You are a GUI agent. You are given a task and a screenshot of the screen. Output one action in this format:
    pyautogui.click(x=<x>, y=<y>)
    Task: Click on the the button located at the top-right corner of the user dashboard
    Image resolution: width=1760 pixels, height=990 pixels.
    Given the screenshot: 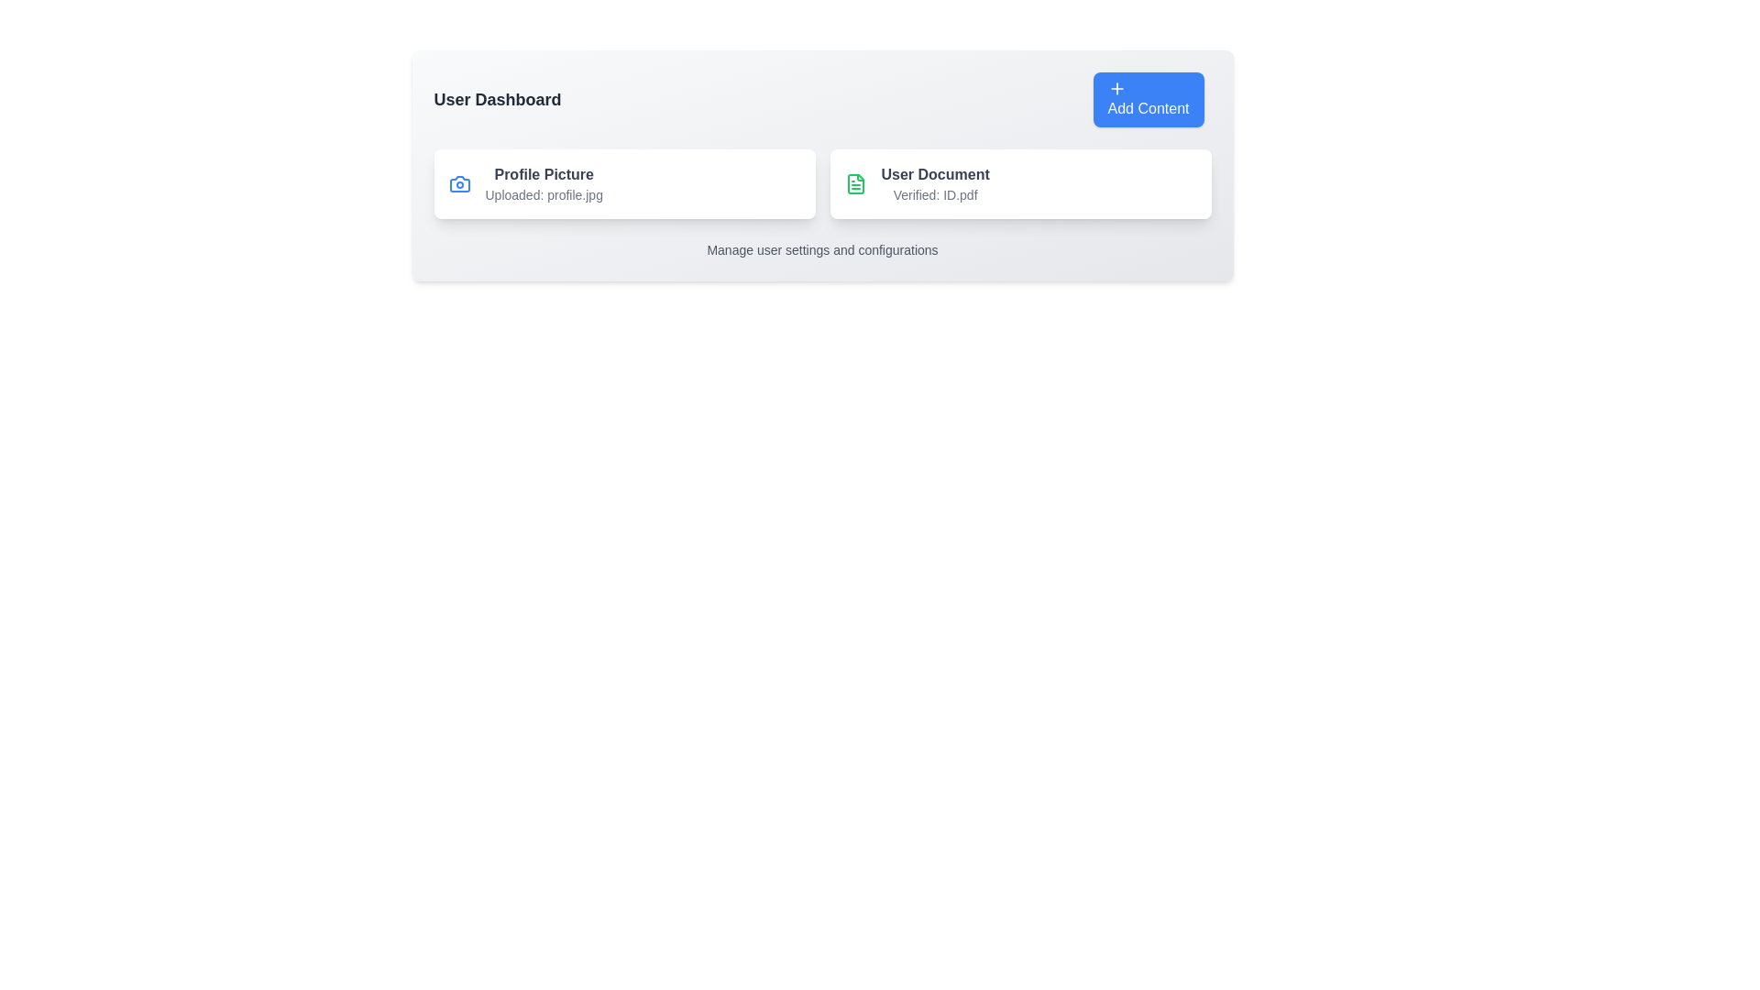 What is the action you would take?
    pyautogui.click(x=1147, y=99)
    